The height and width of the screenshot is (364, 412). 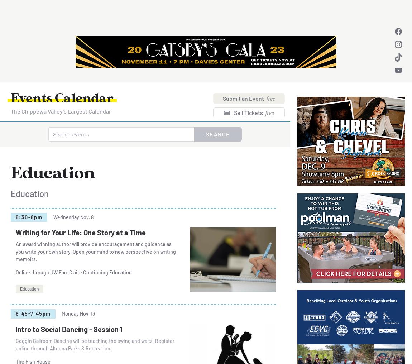 I want to click on 'Events Calendar', so click(x=62, y=99).